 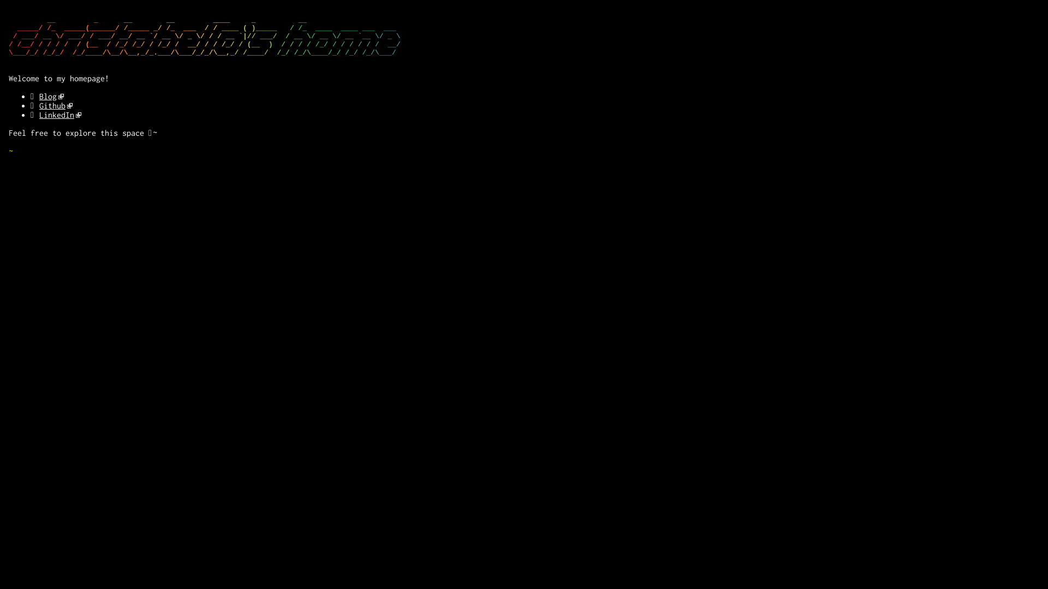 I want to click on 'Blog', so click(x=39, y=95).